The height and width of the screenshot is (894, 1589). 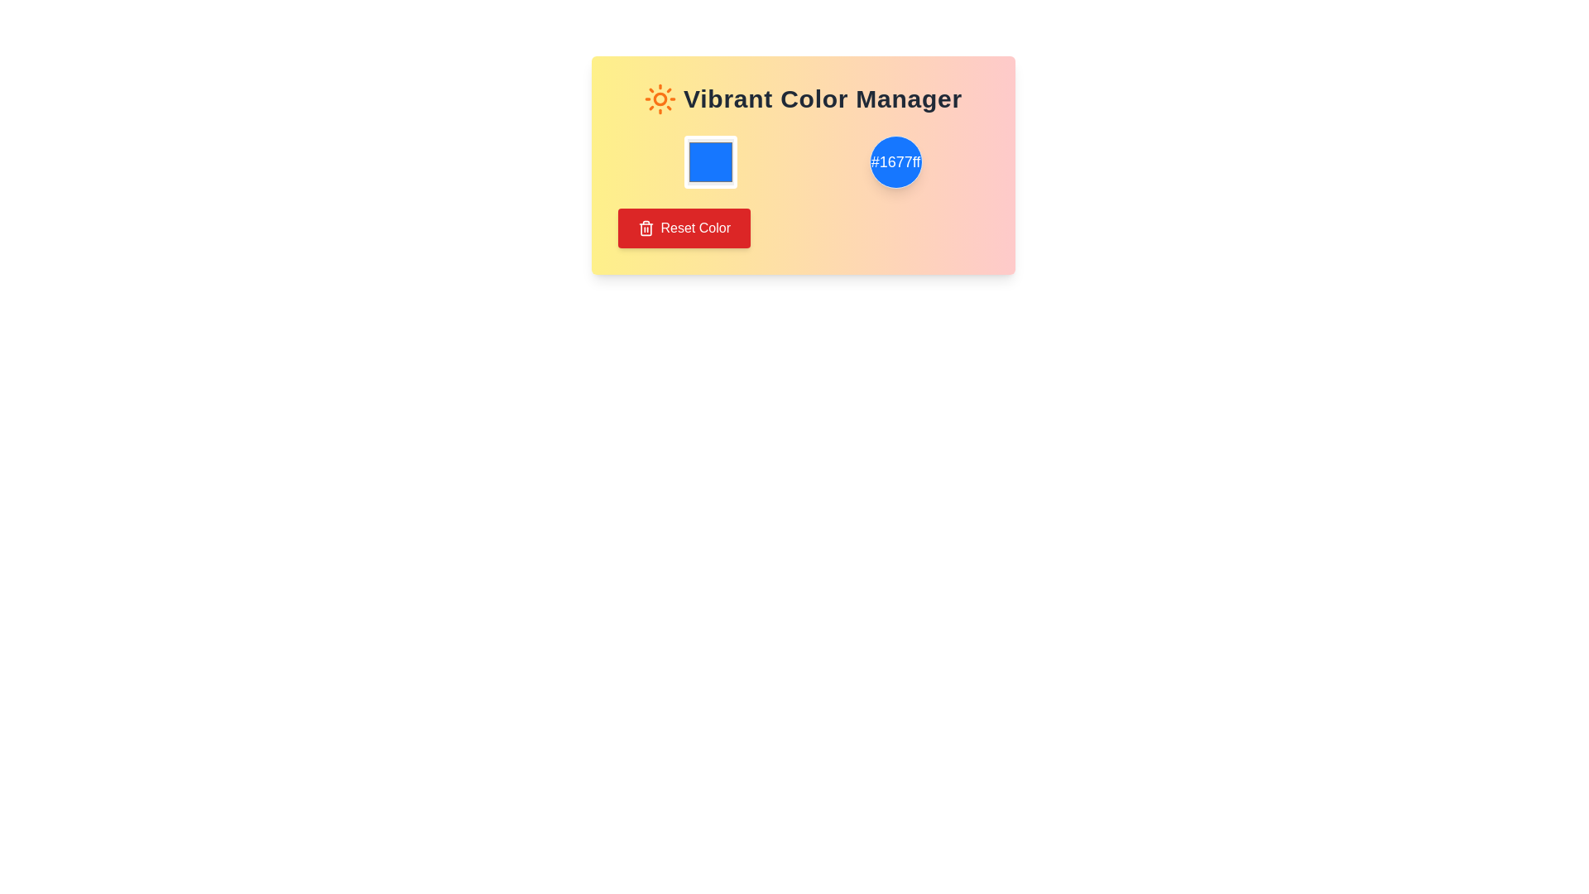 I want to click on the trash can icon inside the 'Reset Color' button to reset the color settings, so click(x=645, y=228).